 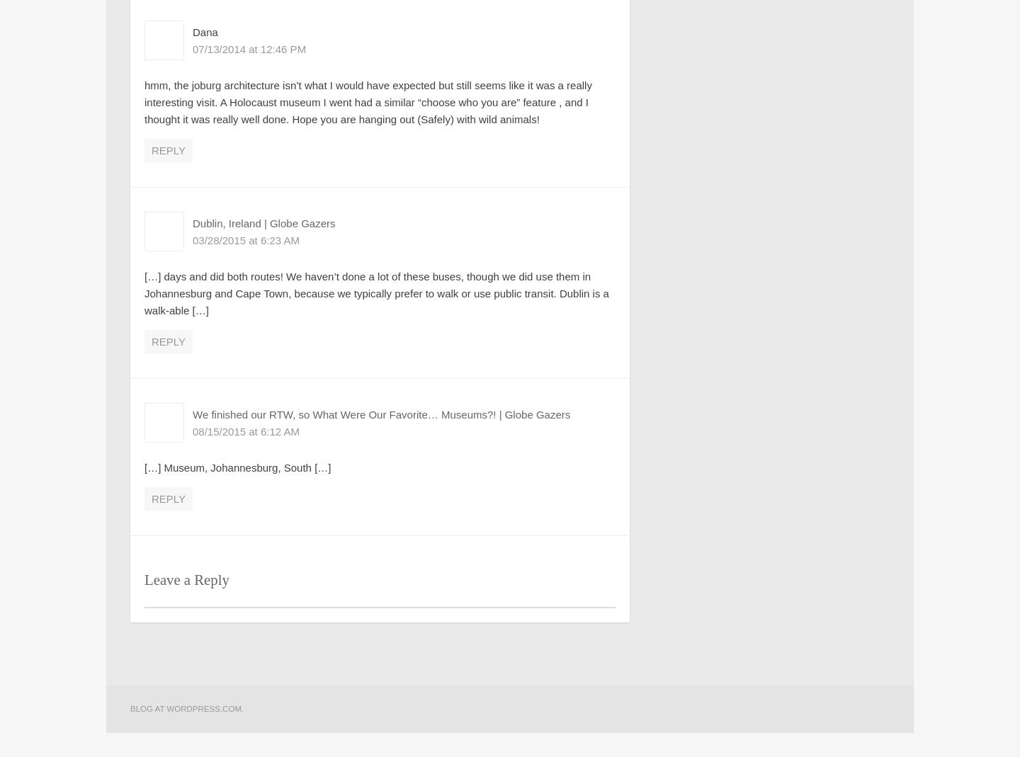 What do you see at coordinates (192, 431) in the screenshot?
I see `'08/15/2015 at 6:12 AM'` at bounding box center [192, 431].